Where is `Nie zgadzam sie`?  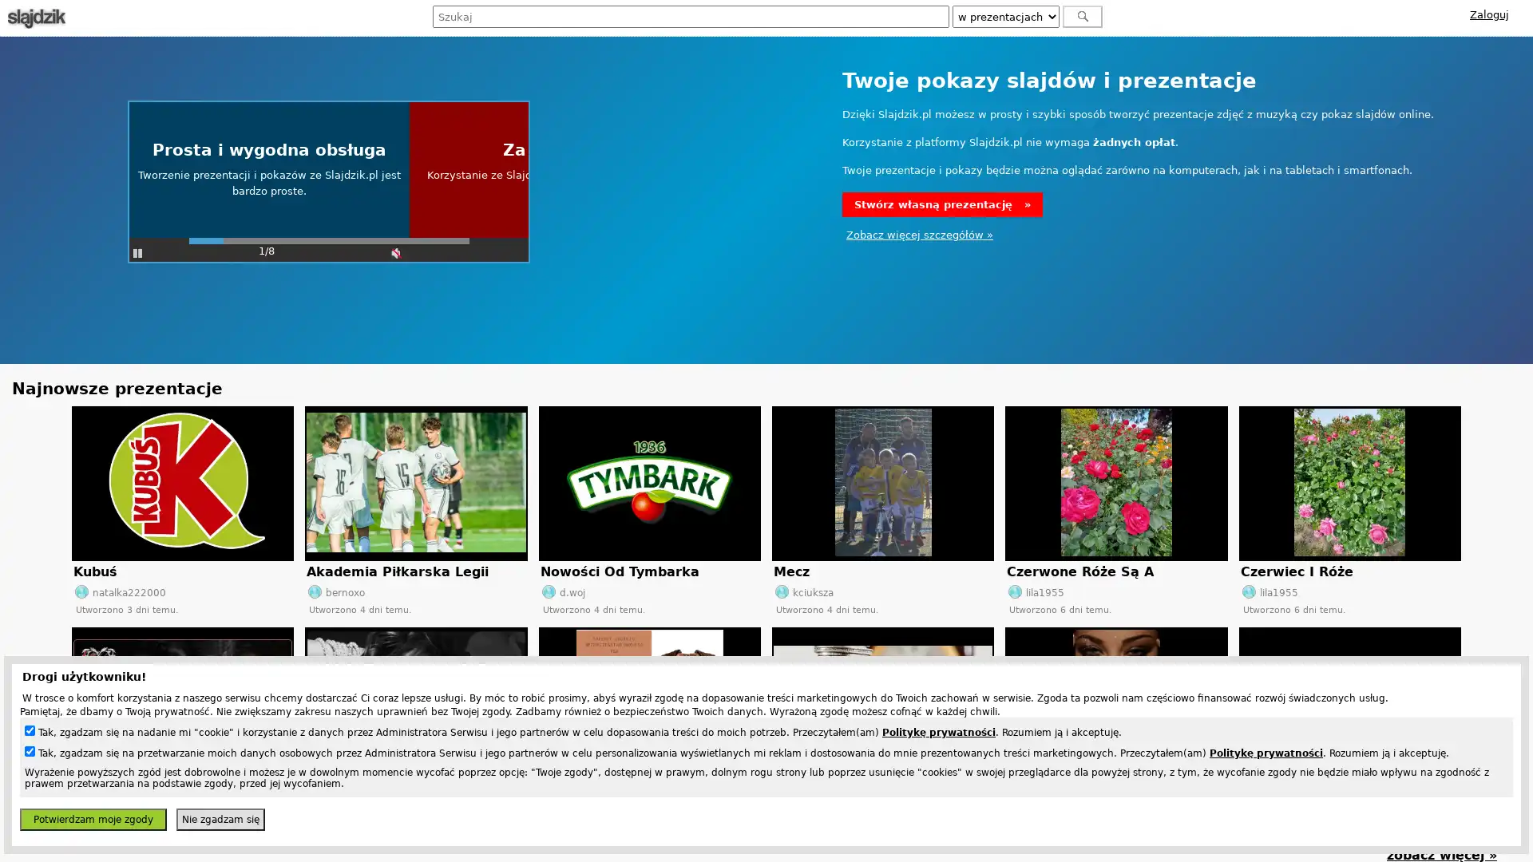 Nie zgadzam sie is located at coordinates (220, 819).